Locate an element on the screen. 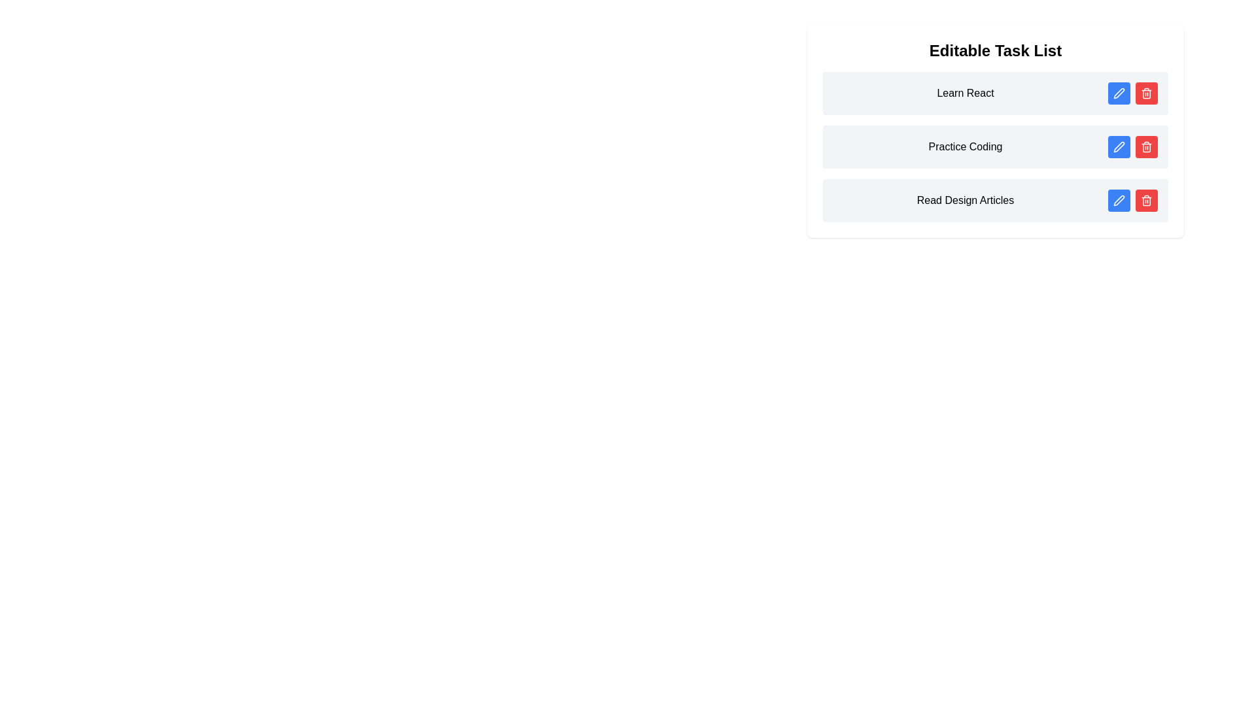 Image resolution: width=1256 pixels, height=706 pixels. the 'Practice Coding' list item to emphasize it, which is the second item in the task list with a light gray background and interactive buttons is located at coordinates (994, 146).